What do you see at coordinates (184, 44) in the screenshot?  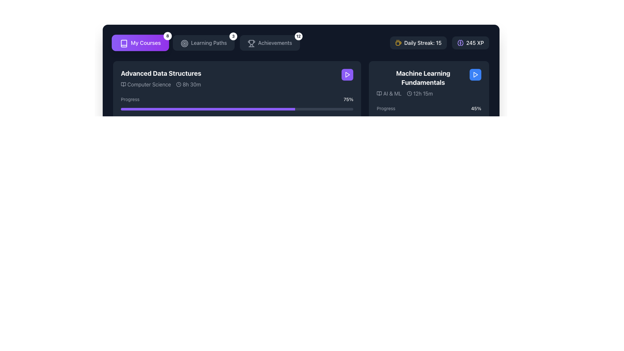 I see `the educational pathways icon located in the top navigation bar, which is positioned immediately to the left of the icon labeled '3' and to the right of the 'My Courses' button` at bounding box center [184, 44].